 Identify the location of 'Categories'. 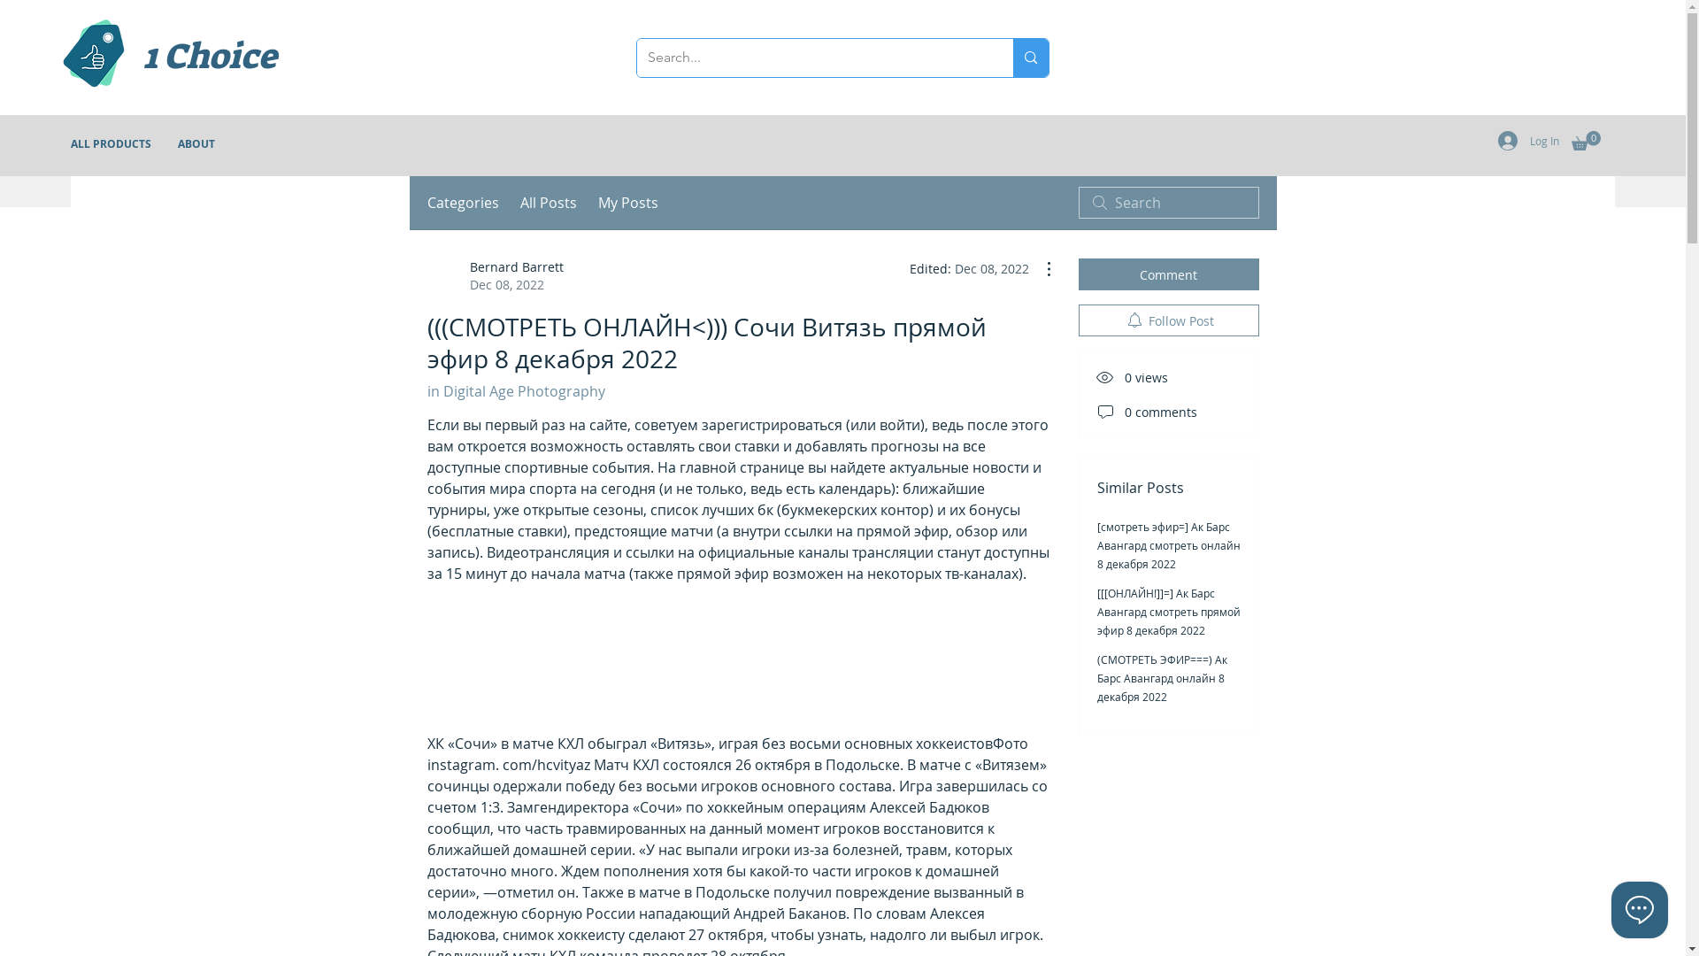
(462, 201).